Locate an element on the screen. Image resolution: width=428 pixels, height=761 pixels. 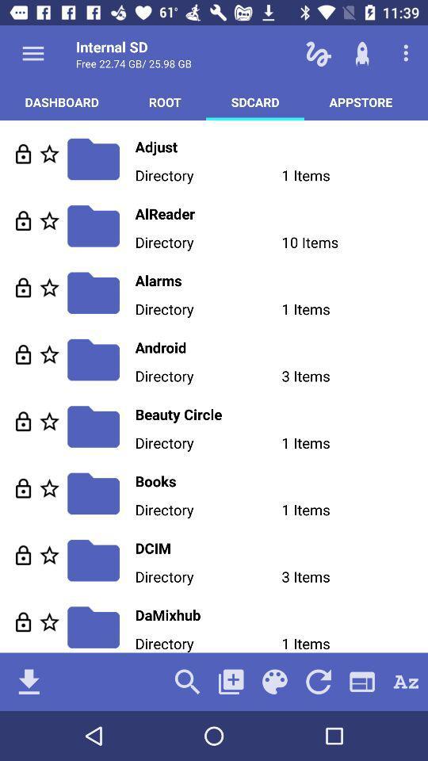
the 10 items is located at coordinates (354, 245).